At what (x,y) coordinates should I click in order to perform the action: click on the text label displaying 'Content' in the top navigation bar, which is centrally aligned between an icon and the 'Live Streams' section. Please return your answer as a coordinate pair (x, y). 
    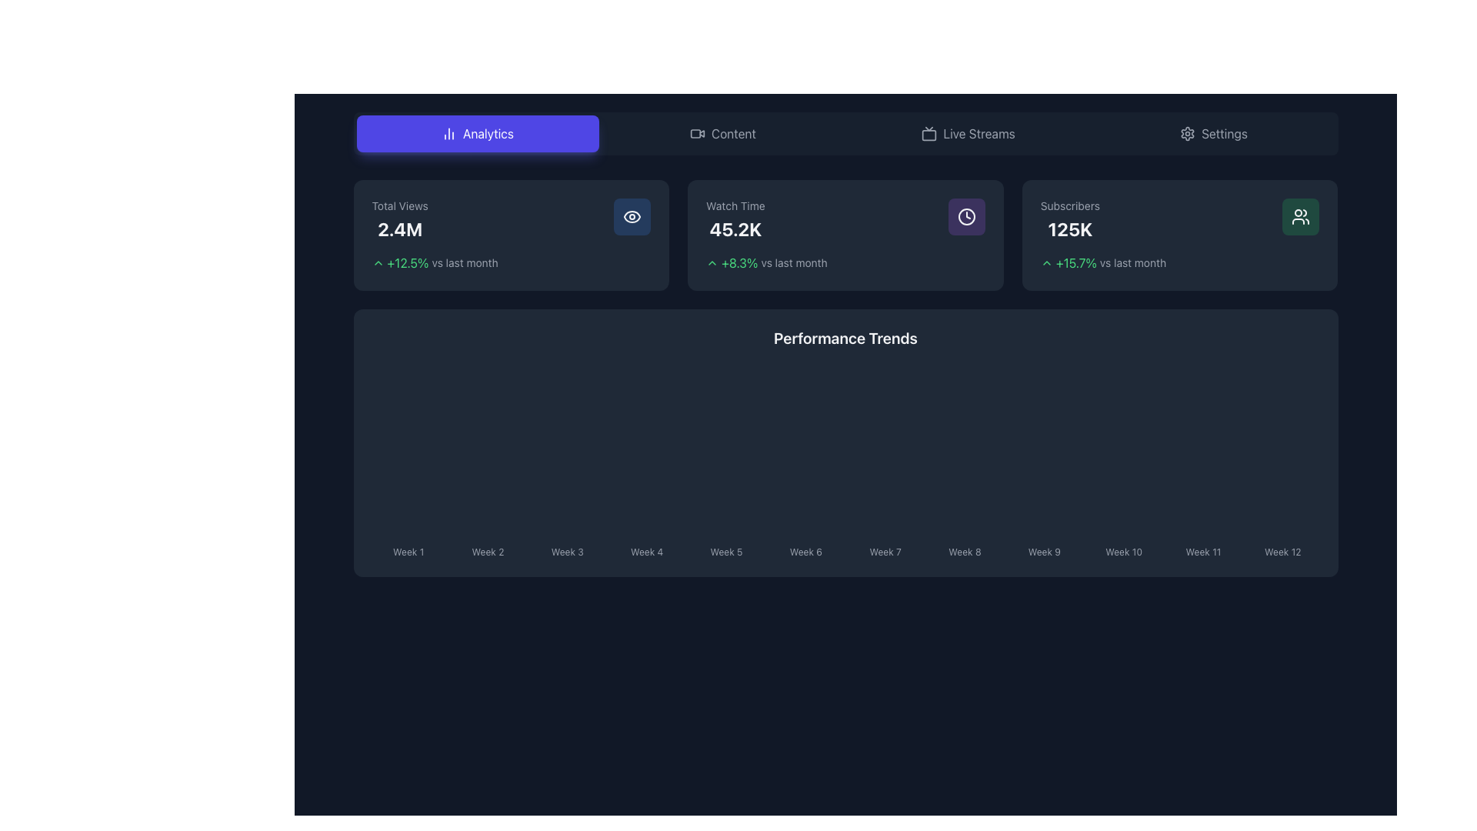
    Looking at the image, I should click on (733, 132).